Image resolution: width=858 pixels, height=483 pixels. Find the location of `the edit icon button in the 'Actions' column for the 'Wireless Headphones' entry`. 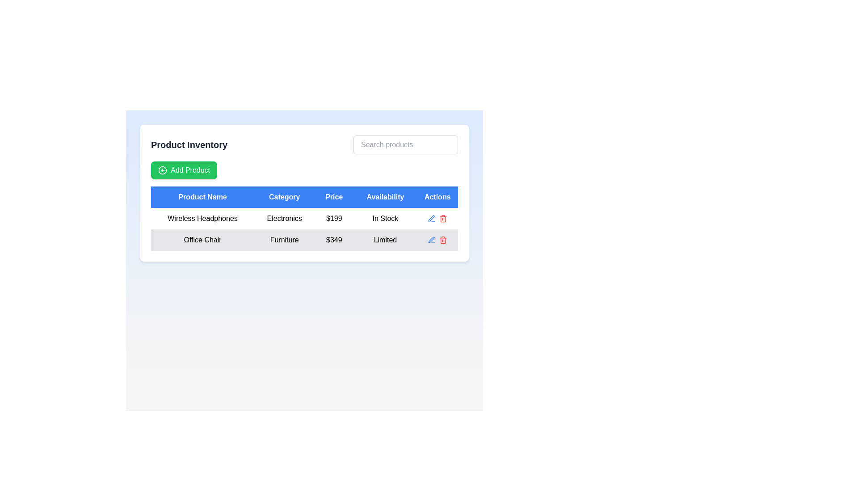

the edit icon button in the 'Actions' column for the 'Wireless Headphones' entry is located at coordinates (431, 239).